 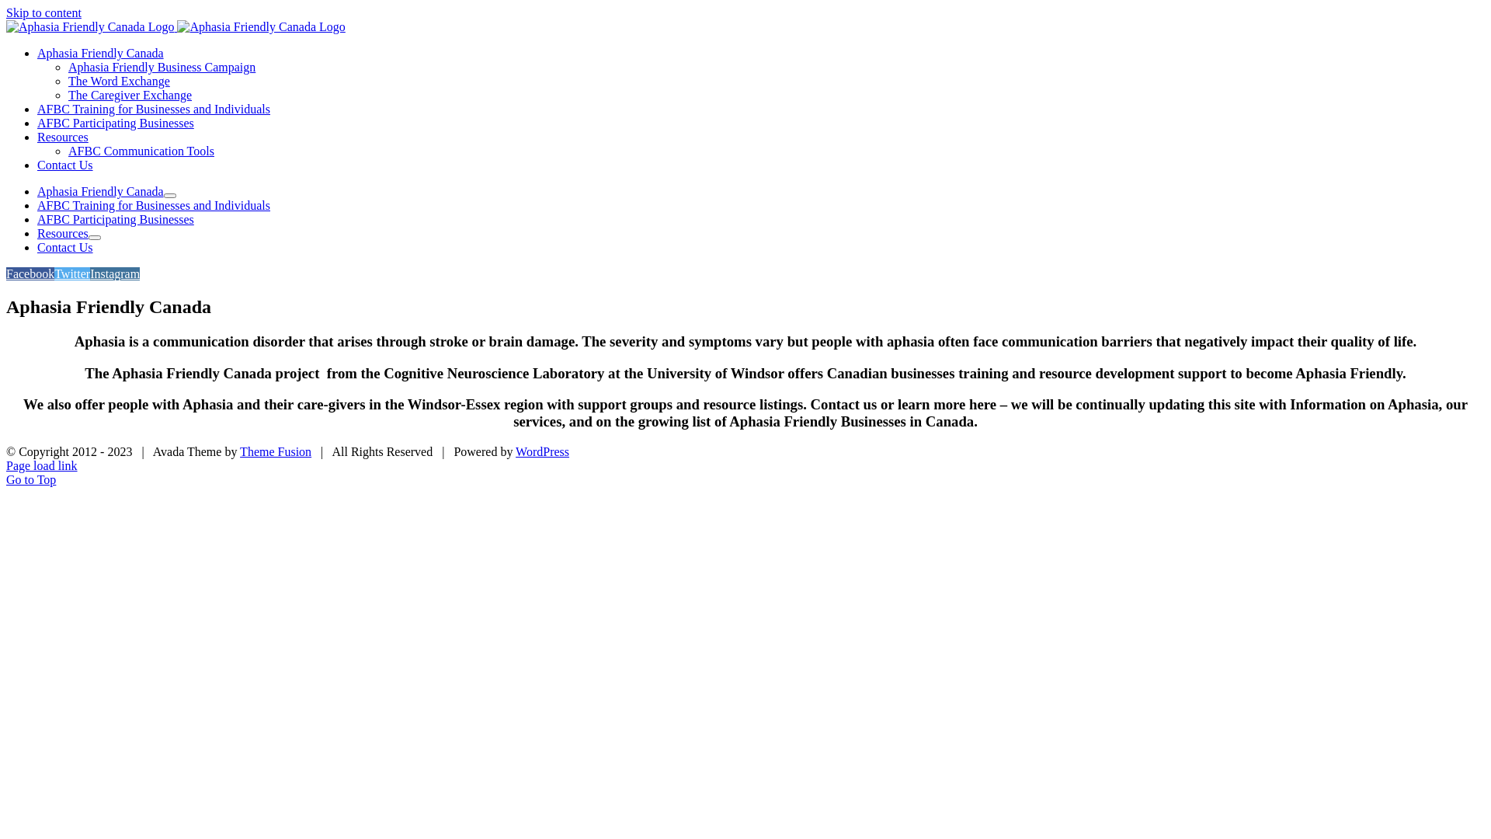 What do you see at coordinates (276, 451) in the screenshot?
I see `'Theme Fusion'` at bounding box center [276, 451].